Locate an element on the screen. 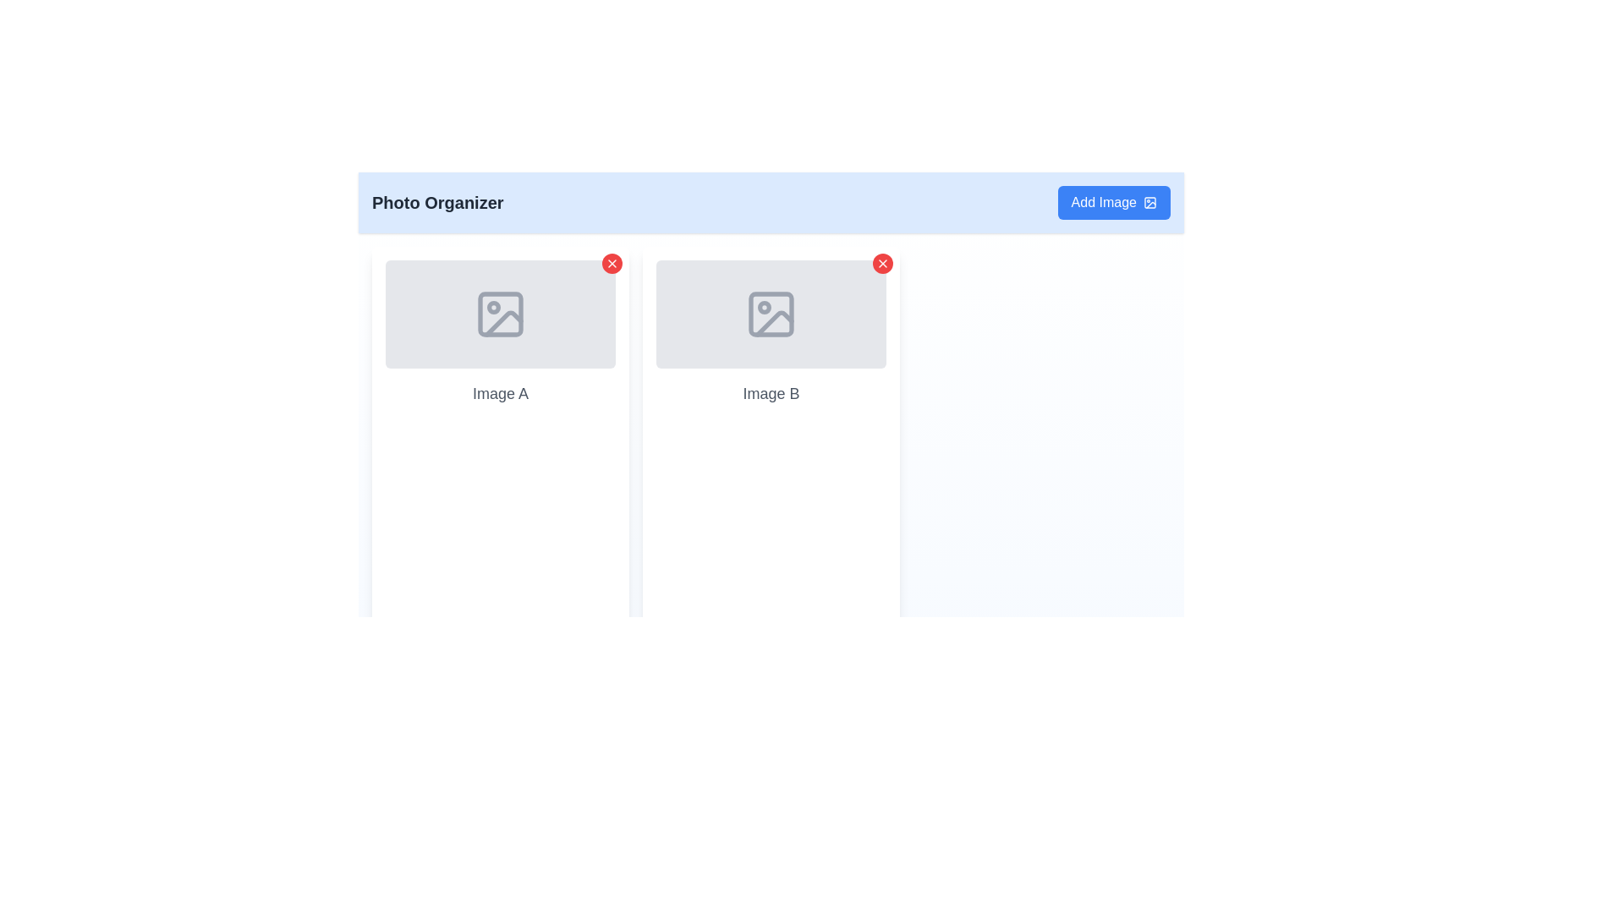 This screenshot has width=1624, height=913. the 'Add Image' button icon located at the top right corner of the interface, which visually indicates the function of adding an image when clicked is located at coordinates (1149, 201).